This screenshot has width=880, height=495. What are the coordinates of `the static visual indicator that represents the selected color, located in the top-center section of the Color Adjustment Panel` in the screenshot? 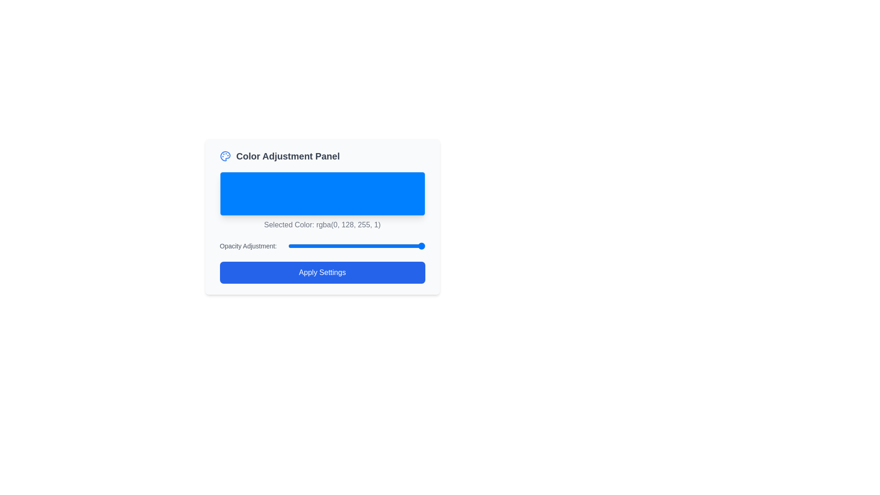 It's located at (322, 193).